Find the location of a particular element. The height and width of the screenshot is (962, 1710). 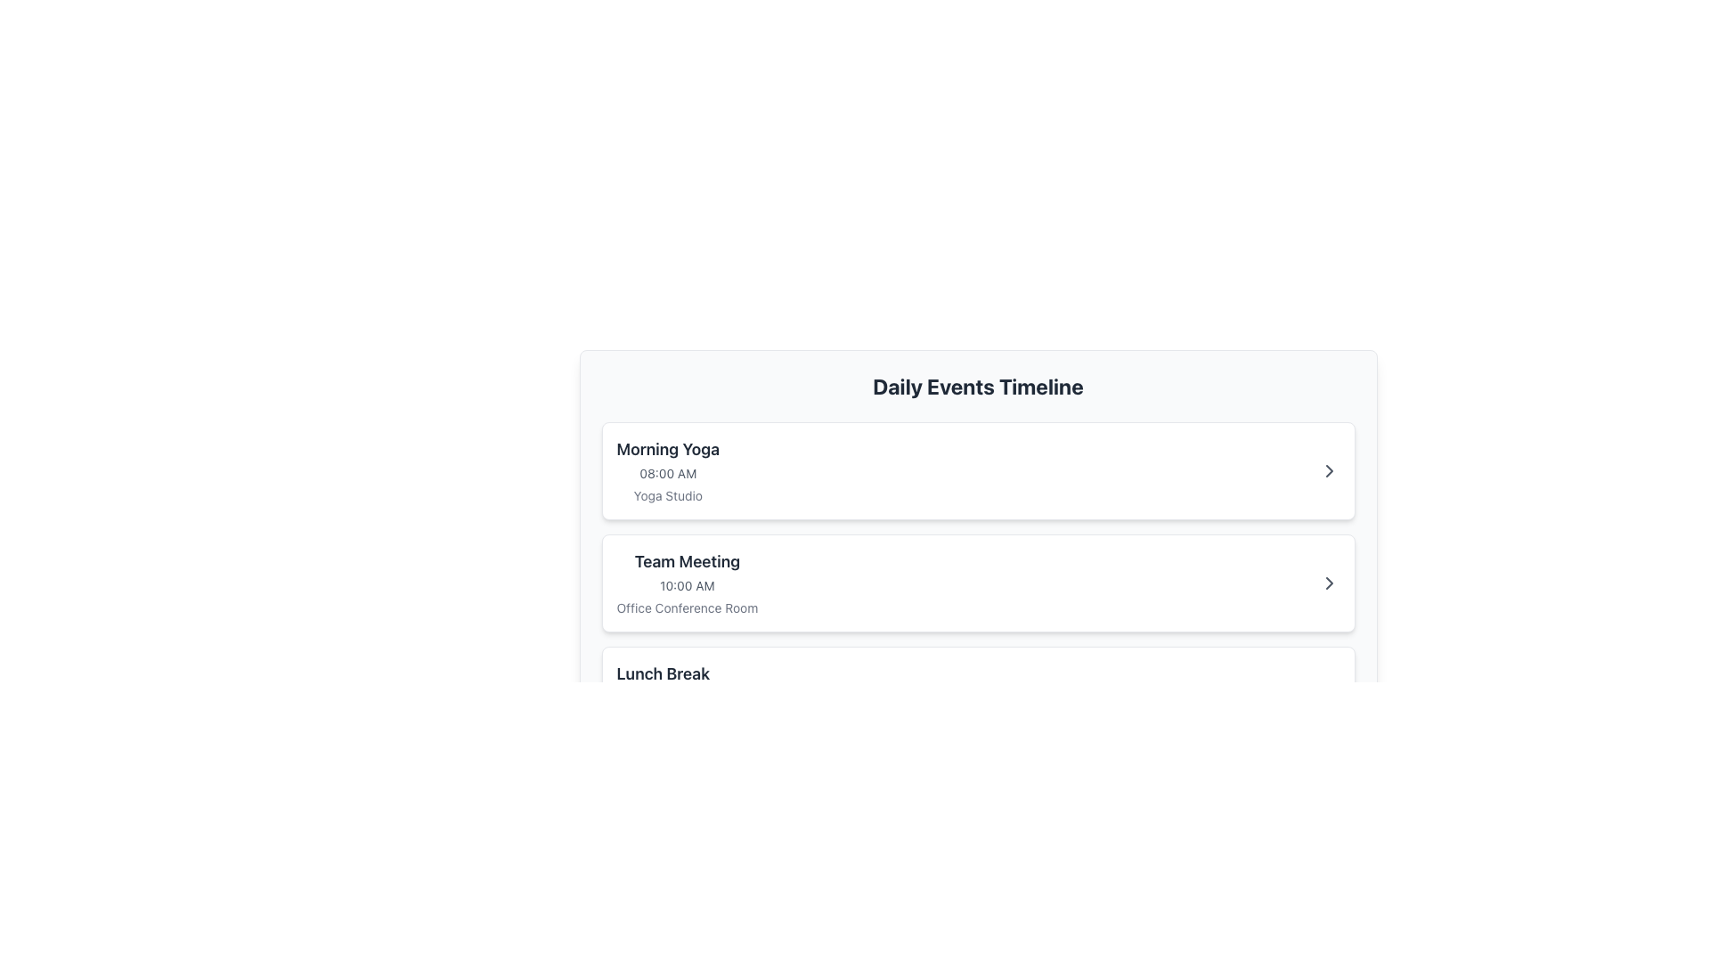

the keyboard navigation on the button that expands or collapses additional details for the 'Lunch Break' event, located at the far right within its panel is located at coordinates (1329, 694).